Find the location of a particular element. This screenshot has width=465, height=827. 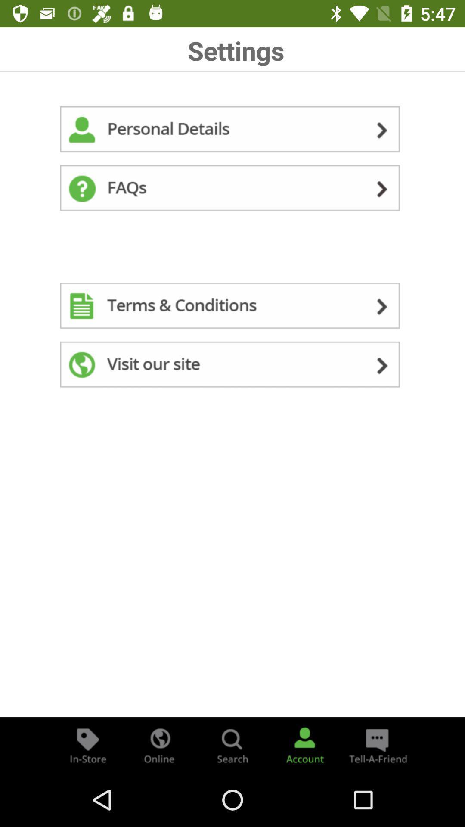

the globe icon is located at coordinates (160, 744).